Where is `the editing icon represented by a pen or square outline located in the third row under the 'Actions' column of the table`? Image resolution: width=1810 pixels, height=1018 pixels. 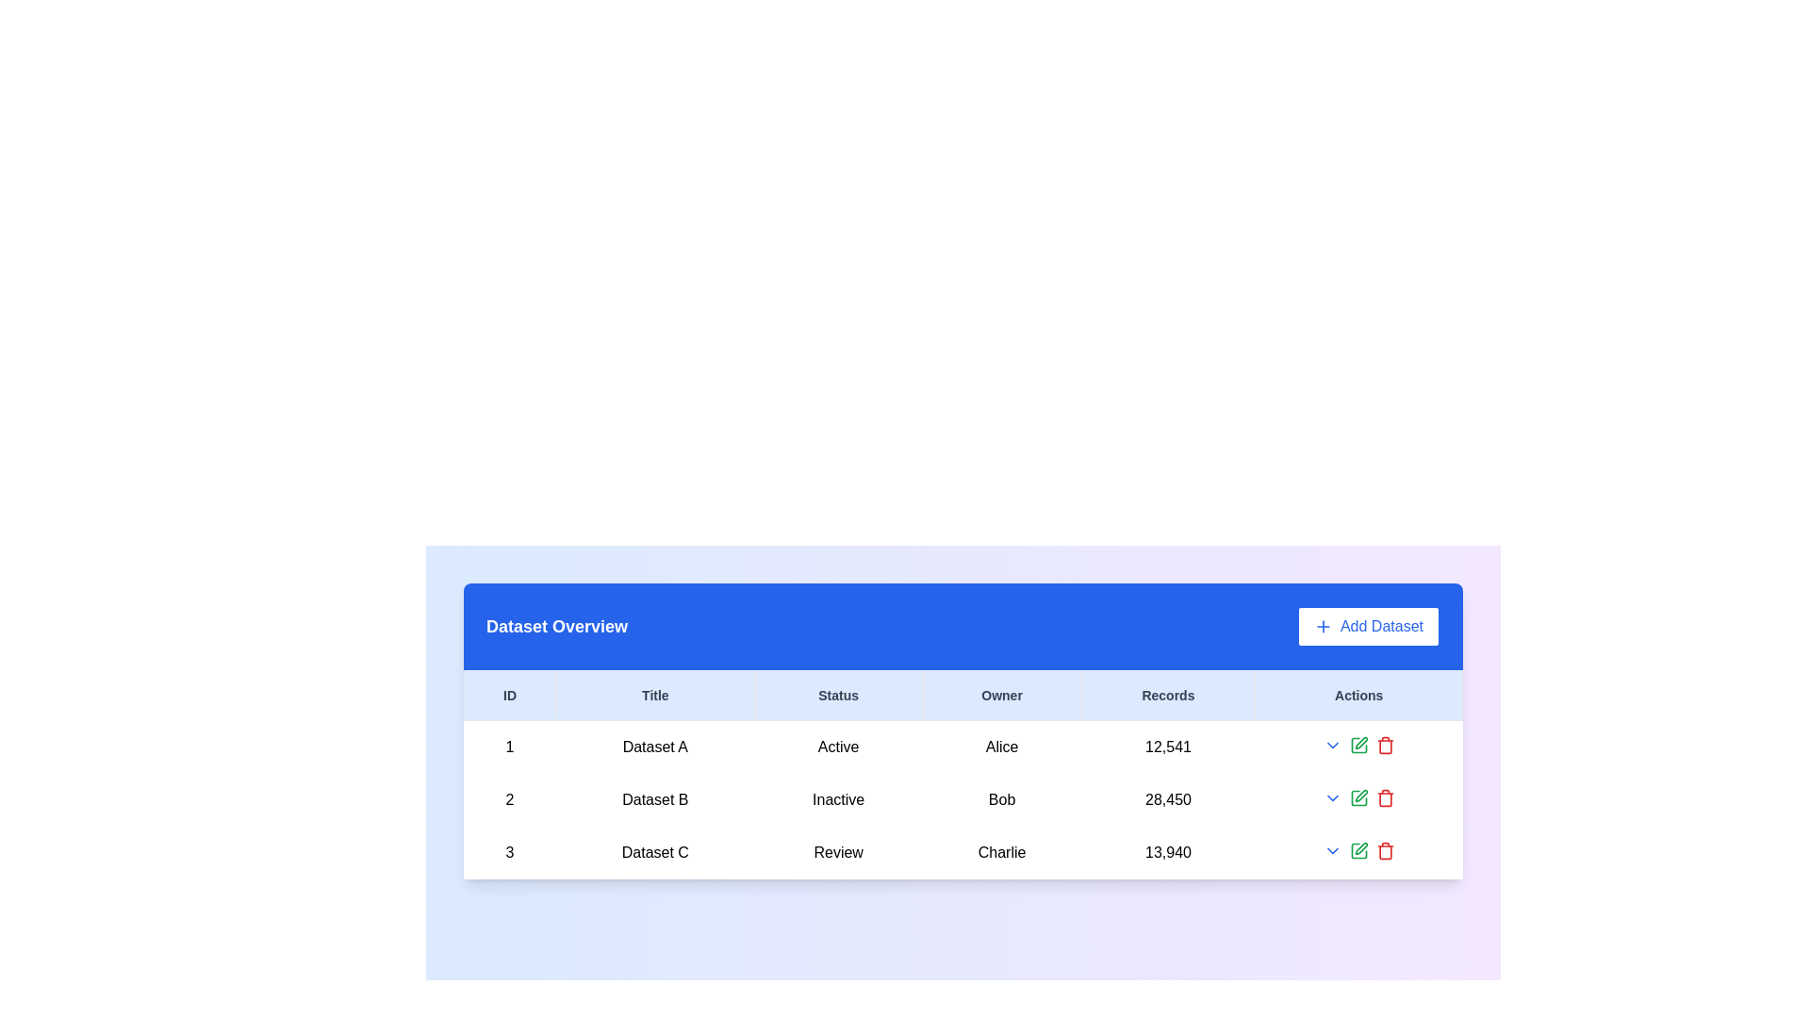 the editing icon represented by a pen or square outline located in the third row under the 'Actions' column of the table is located at coordinates (1358, 850).